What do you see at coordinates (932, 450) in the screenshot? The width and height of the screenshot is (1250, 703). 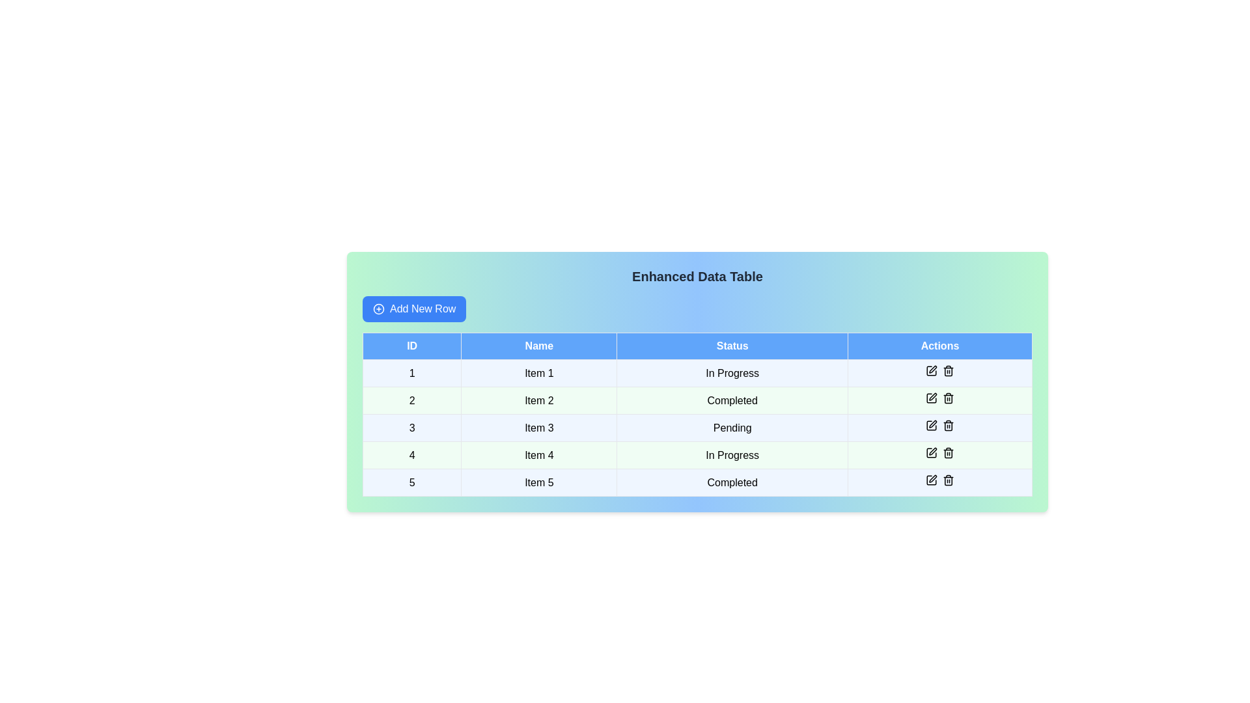 I see `the edit button in the 'Actions' column for 'Item 4', which is located adjacent to the trash can icon` at bounding box center [932, 450].